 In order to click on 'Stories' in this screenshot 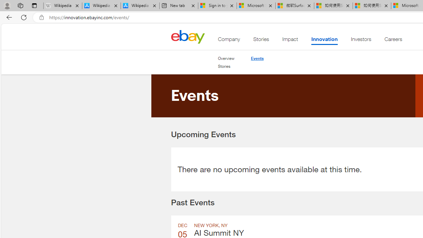, I will do `click(224, 66)`.